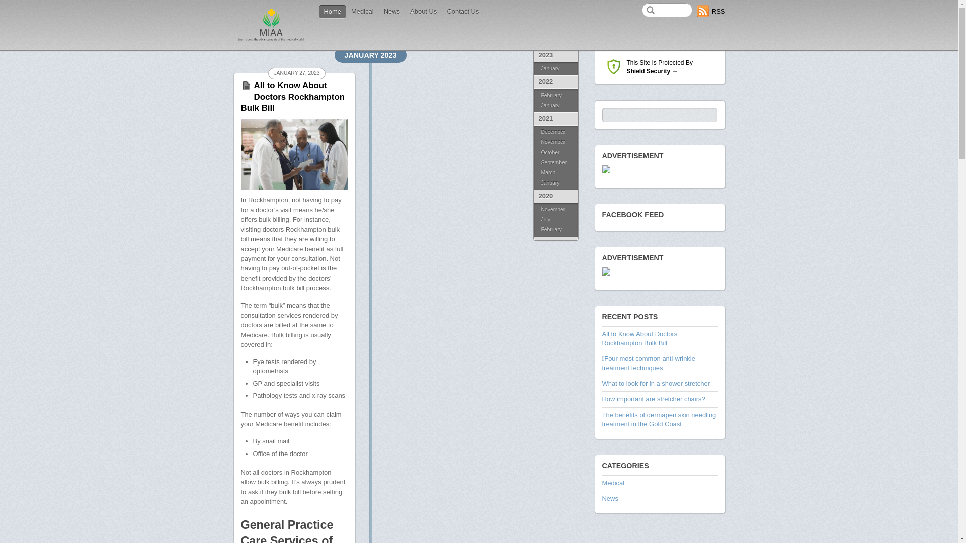 This screenshot has height=543, width=966. I want to click on 'Home', so click(333, 12).